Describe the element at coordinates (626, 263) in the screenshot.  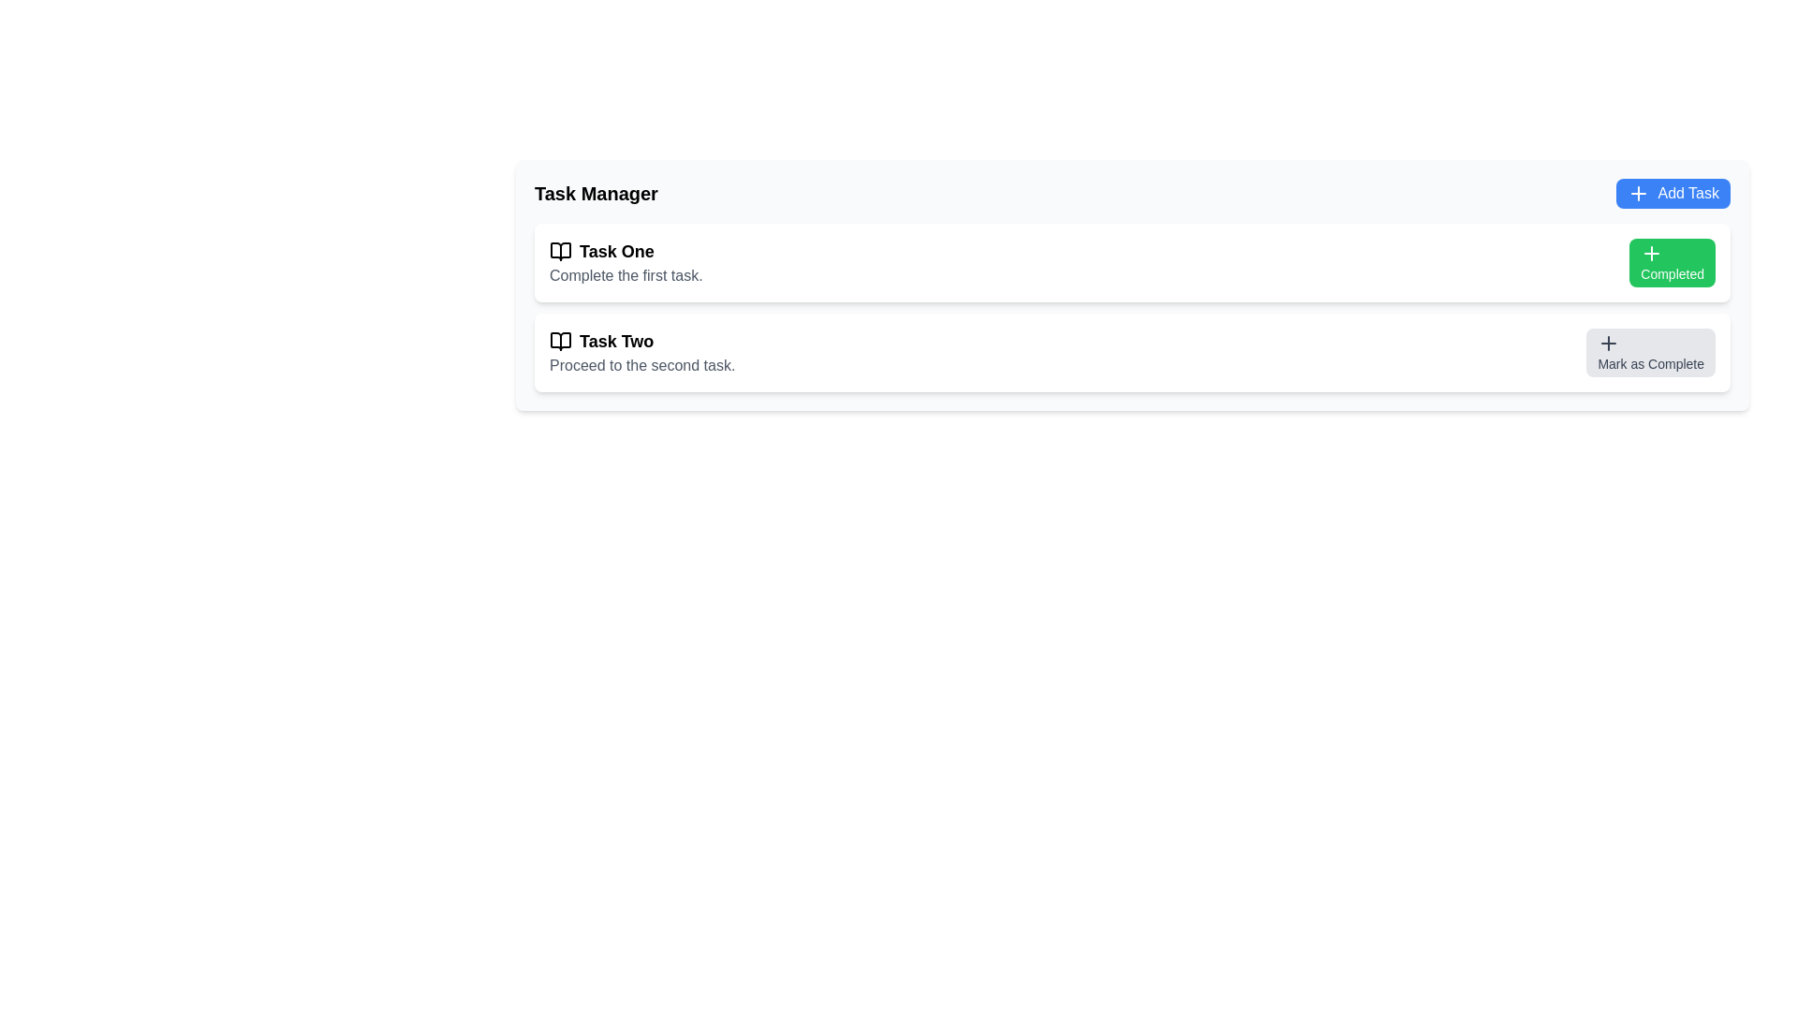
I see `the Task description box labeled 'Task One', which contains a bold heading and a description, positioned at the upper section of the interface` at that location.